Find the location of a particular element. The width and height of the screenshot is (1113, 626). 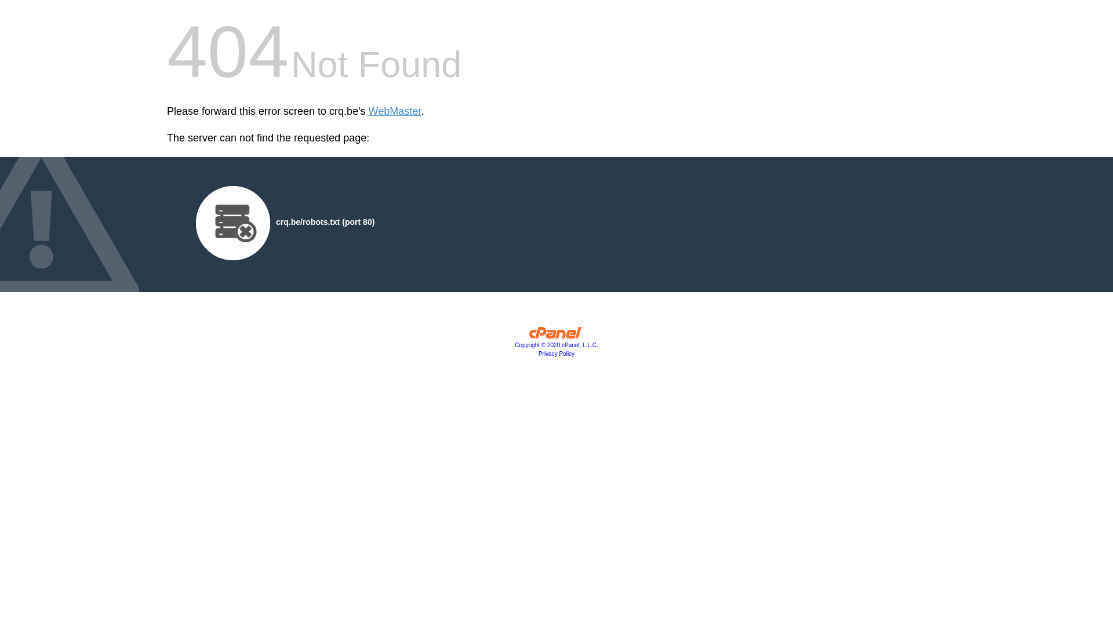

'cPanel, Inc.' is located at coordinates (556, 335).